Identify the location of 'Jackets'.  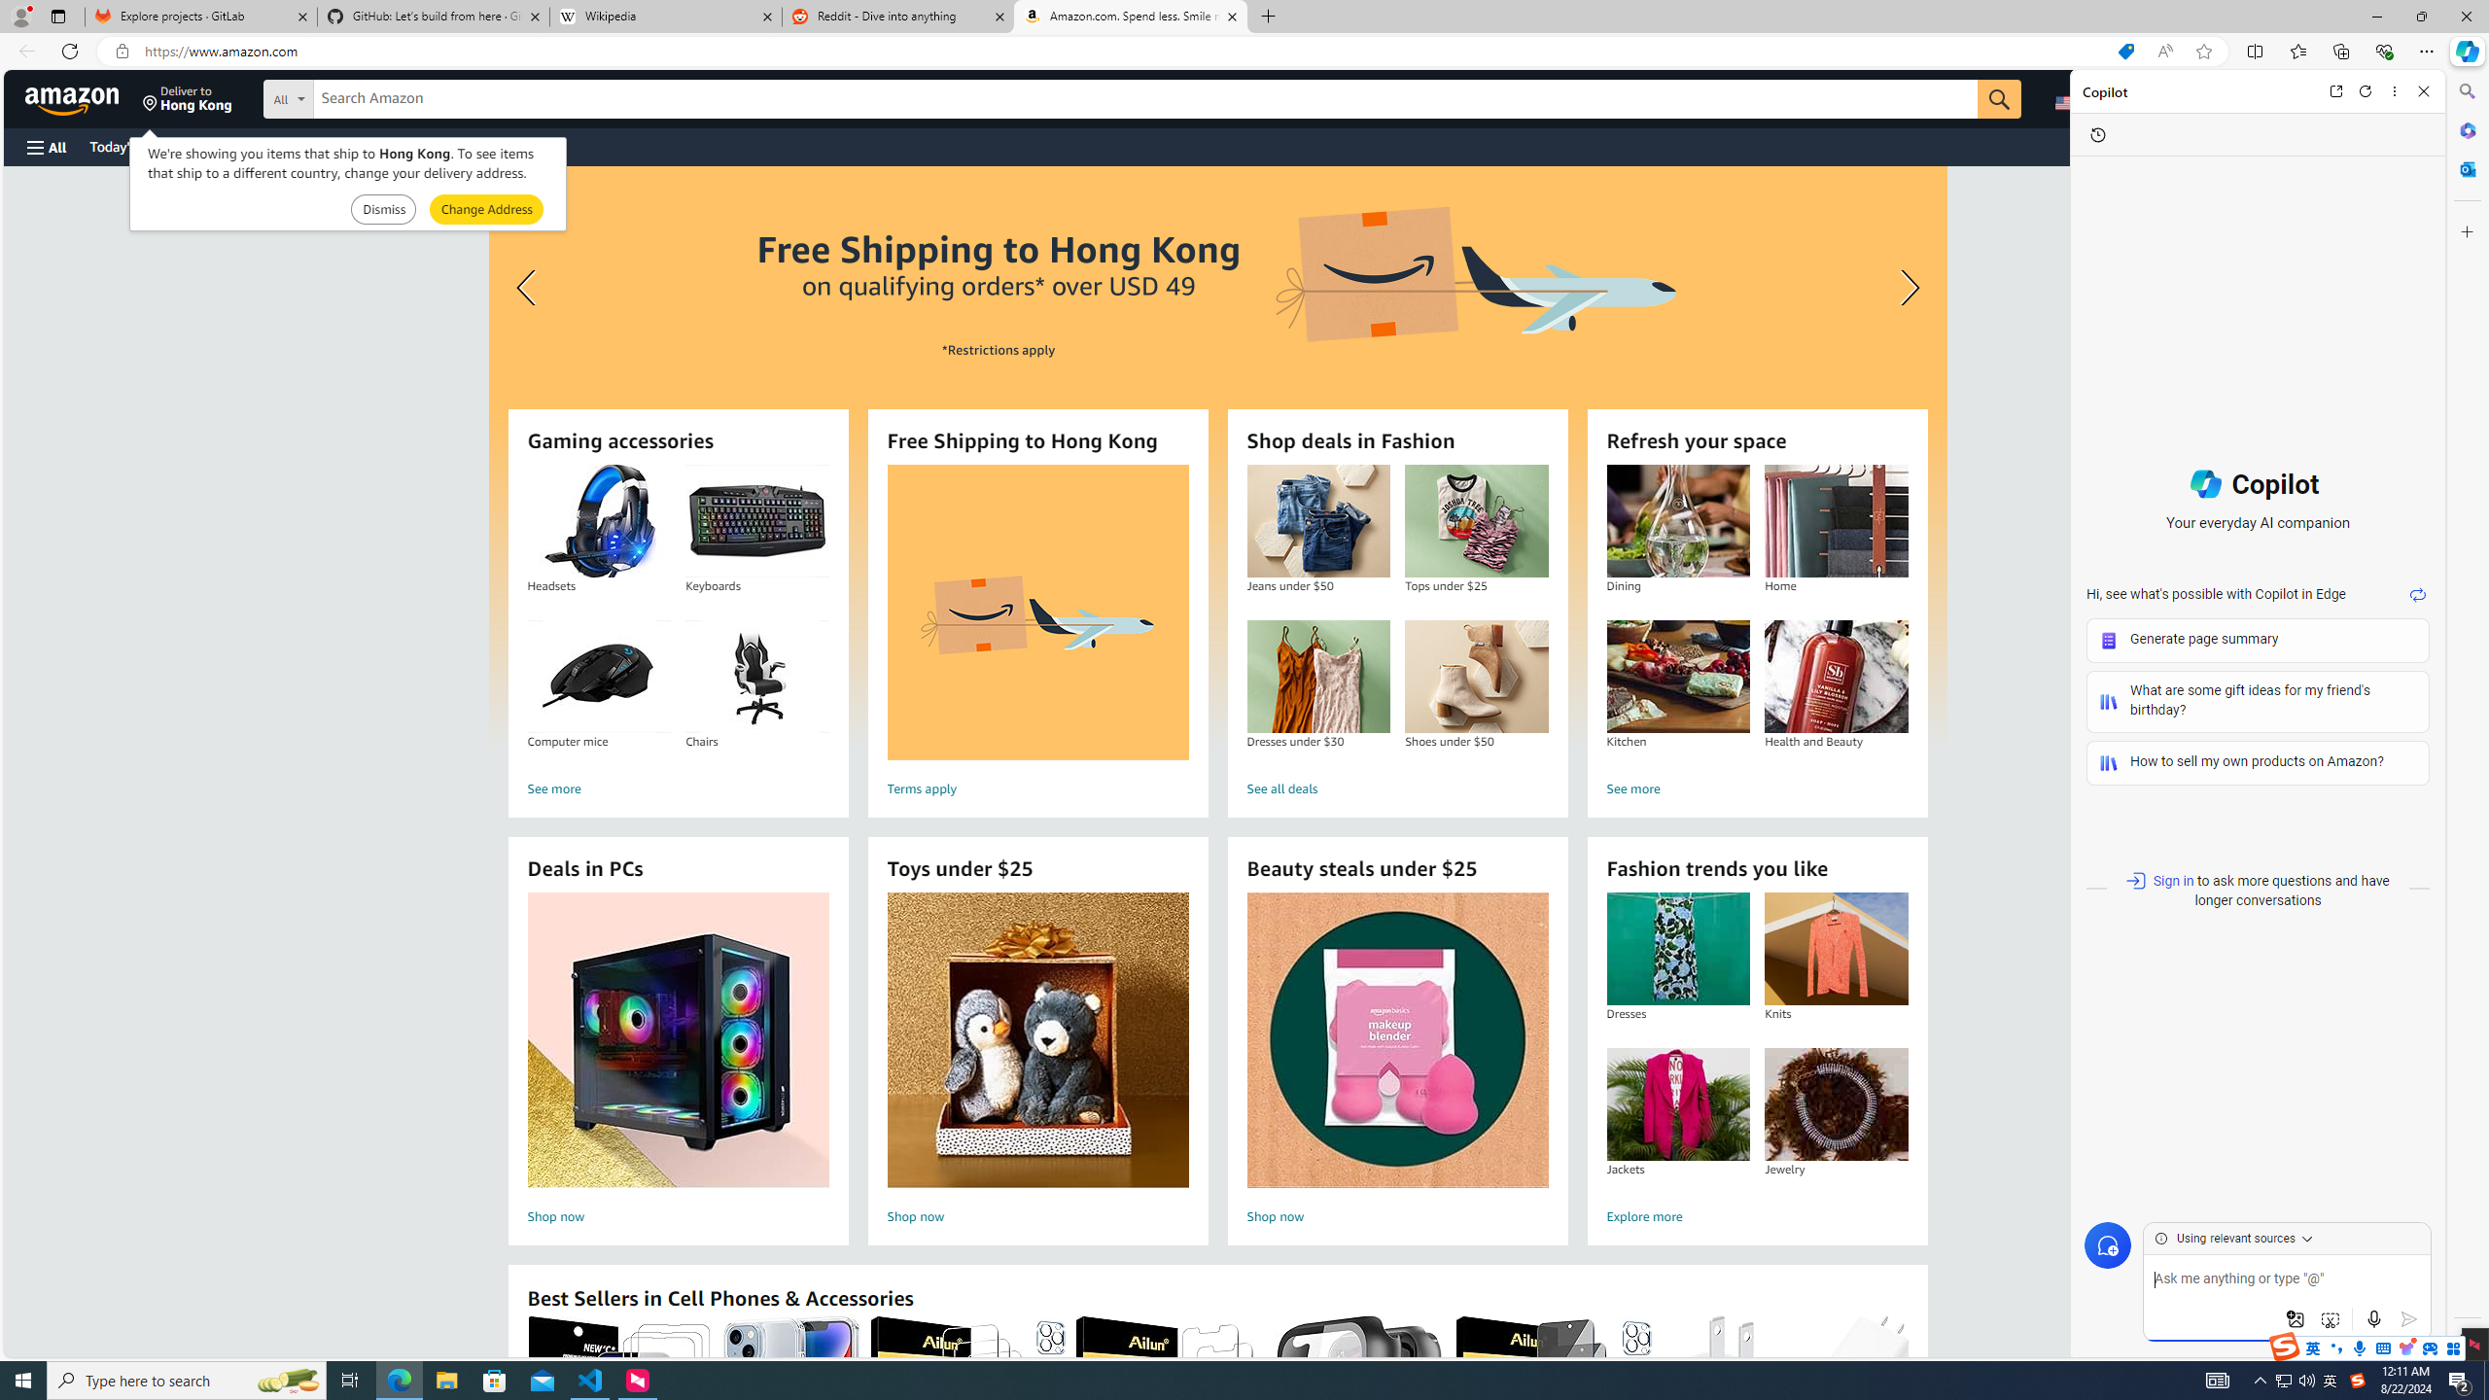
(1676, 1103).